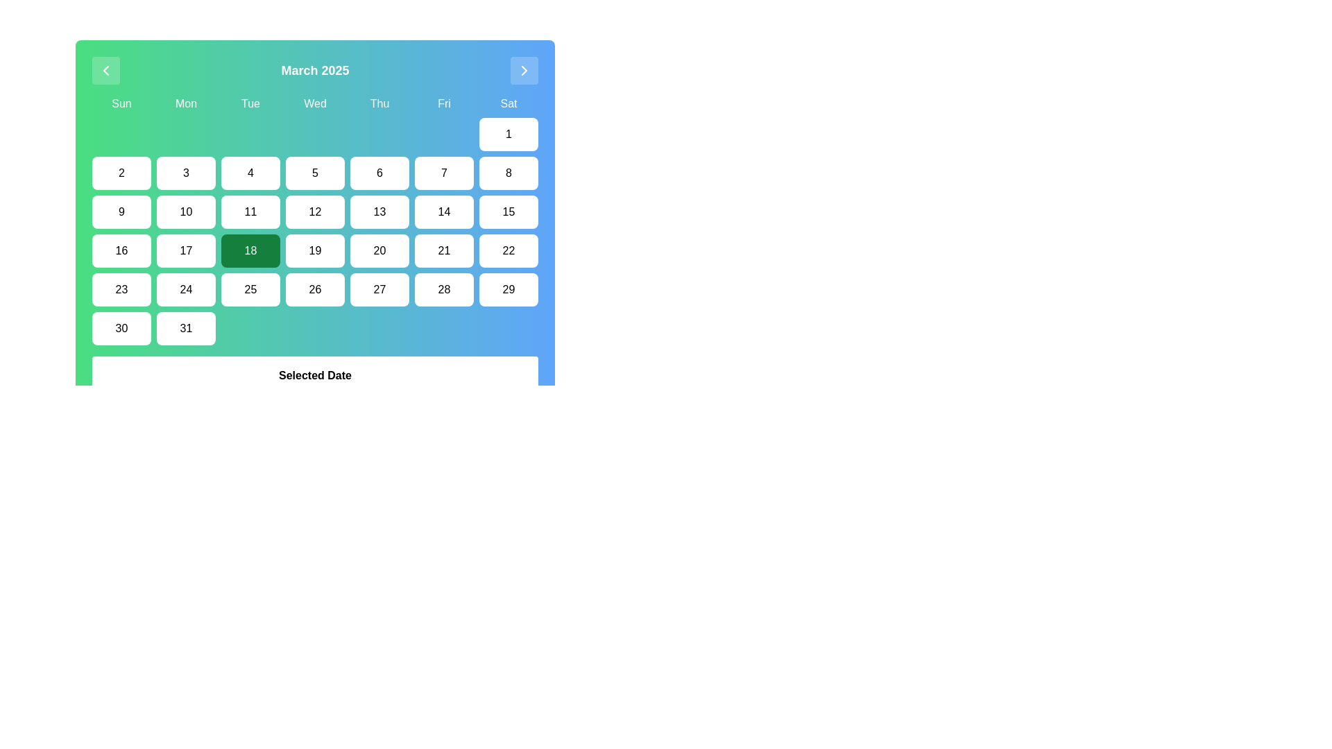 The width and height of the screenshot is (1332, 749). What do you see at coordinates (444, 173) in the screenshot?
I see `the button displaying the number '7' in black text against a white background, located in the calendar grid under the 'Fri' column` at bounding box center [444, 173].